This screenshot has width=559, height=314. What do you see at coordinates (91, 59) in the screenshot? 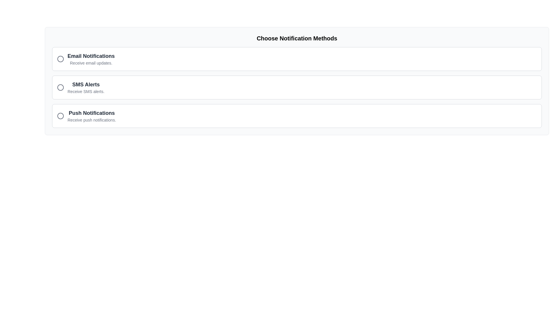
I see `the 'Email Notifications' text label which has a bold heading and descriptive subtext, located at the top of the list of notification methods within a bordered card` at bounding box center [91, 59].